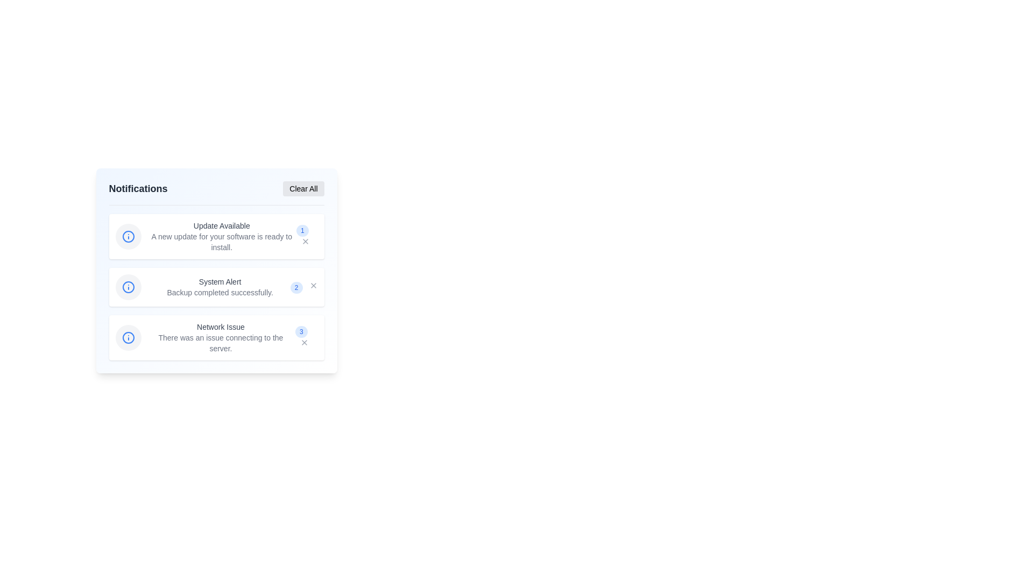 Image resolution: width=1033 pixels, height=581 pixels. What do you see at coordinates (128, 286) in the screenshot?
I see `the circular icon with a blue outline and white fill, containing a small blue information symbol, located in the middle-left of the 'System Alert' notification row for additional details` at bounding box center [128, 286].